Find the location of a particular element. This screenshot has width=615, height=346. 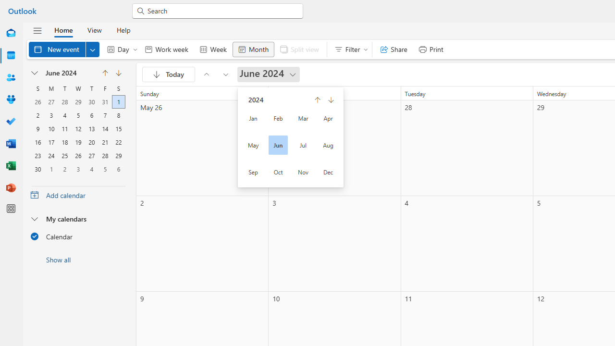

'16, June, 2024' is located at coordinates (38, 141).